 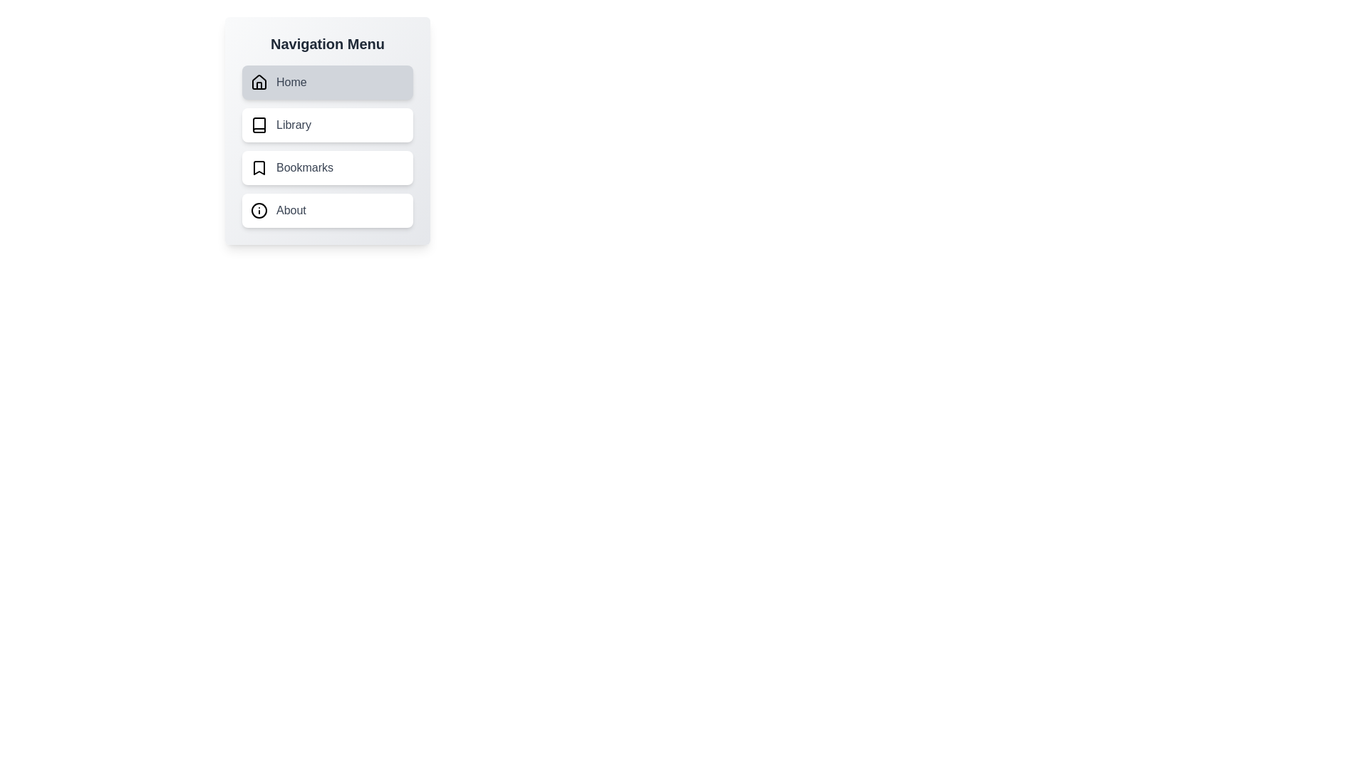 What do you see at coordinates (327, 167) in the screenshot?
I see `the menu item corresponding to Bookmarks` at bounding box center [327, 167].